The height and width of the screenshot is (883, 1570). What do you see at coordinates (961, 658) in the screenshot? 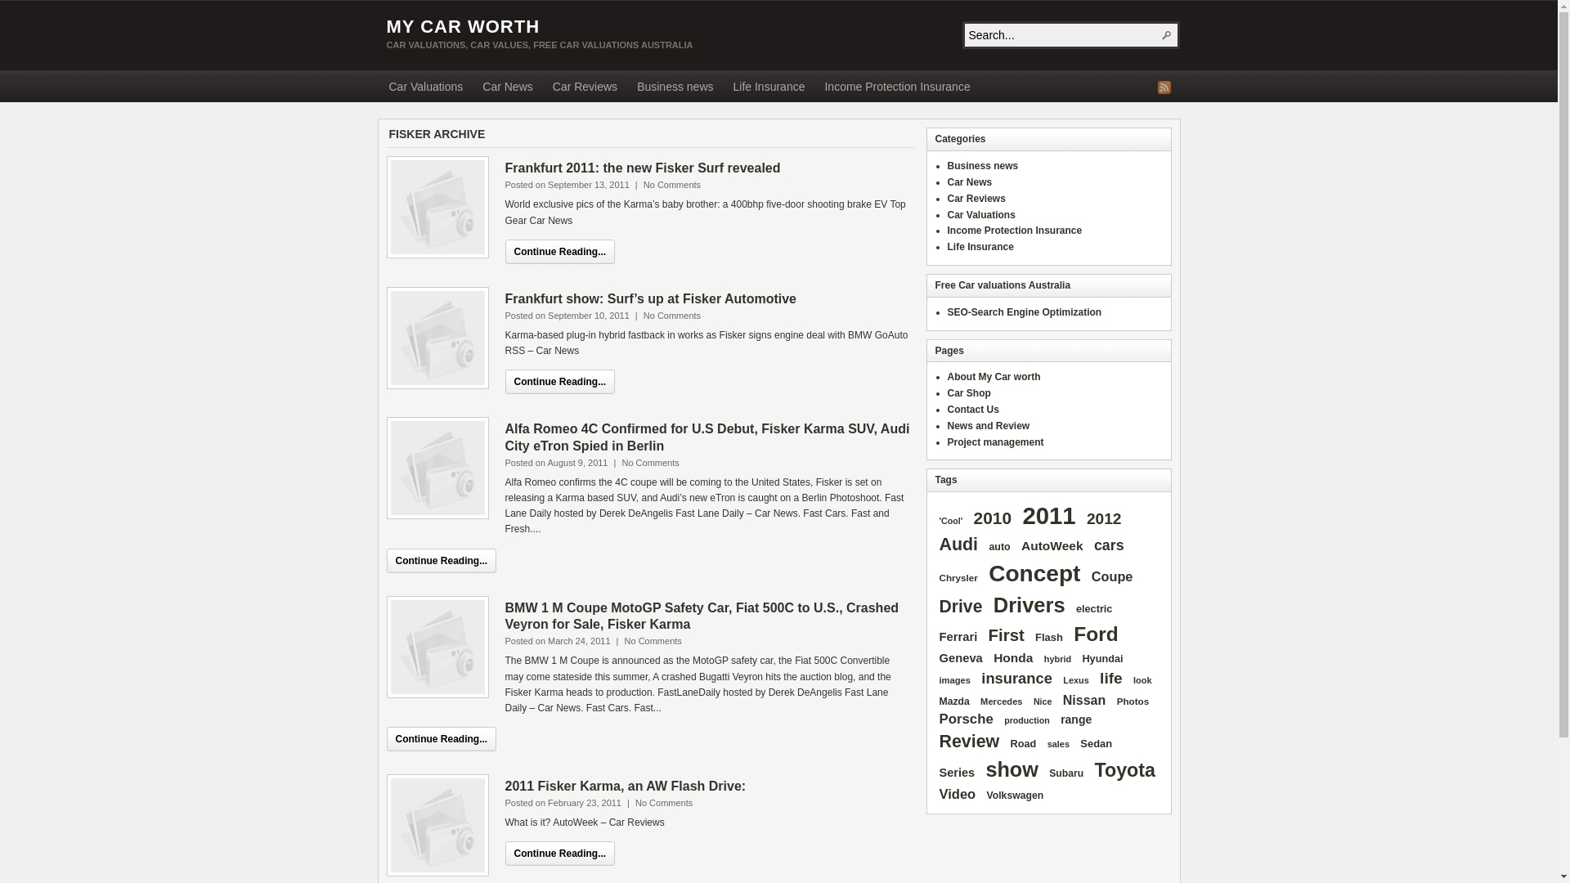
I see `'Geneva'` at bounding box center [961, 658].